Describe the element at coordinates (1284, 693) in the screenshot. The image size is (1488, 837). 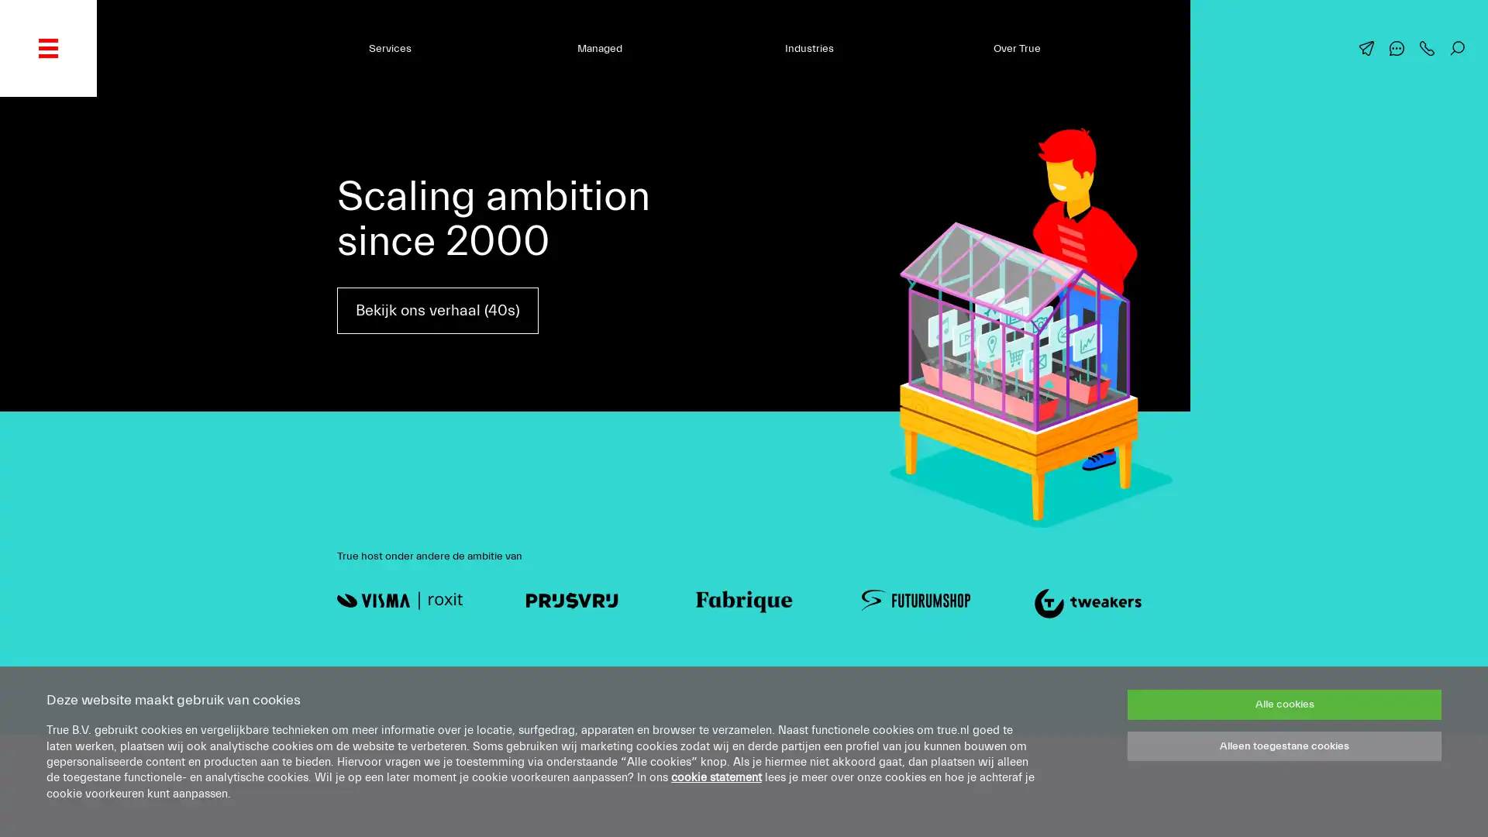
I see `Alle cookies` at that location.